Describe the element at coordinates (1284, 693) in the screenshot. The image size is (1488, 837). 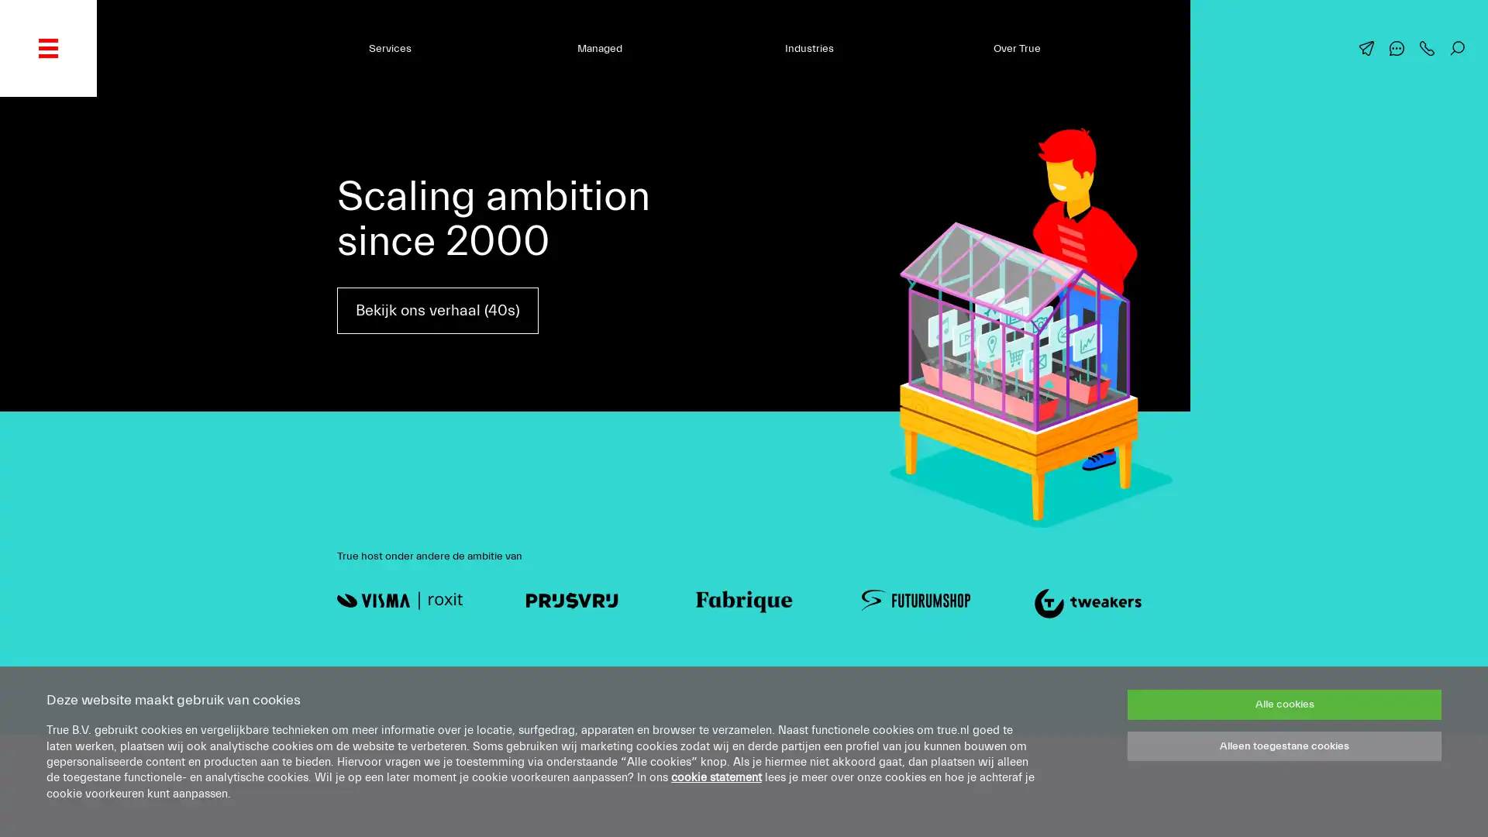
I see `Alle cookies` at that location.